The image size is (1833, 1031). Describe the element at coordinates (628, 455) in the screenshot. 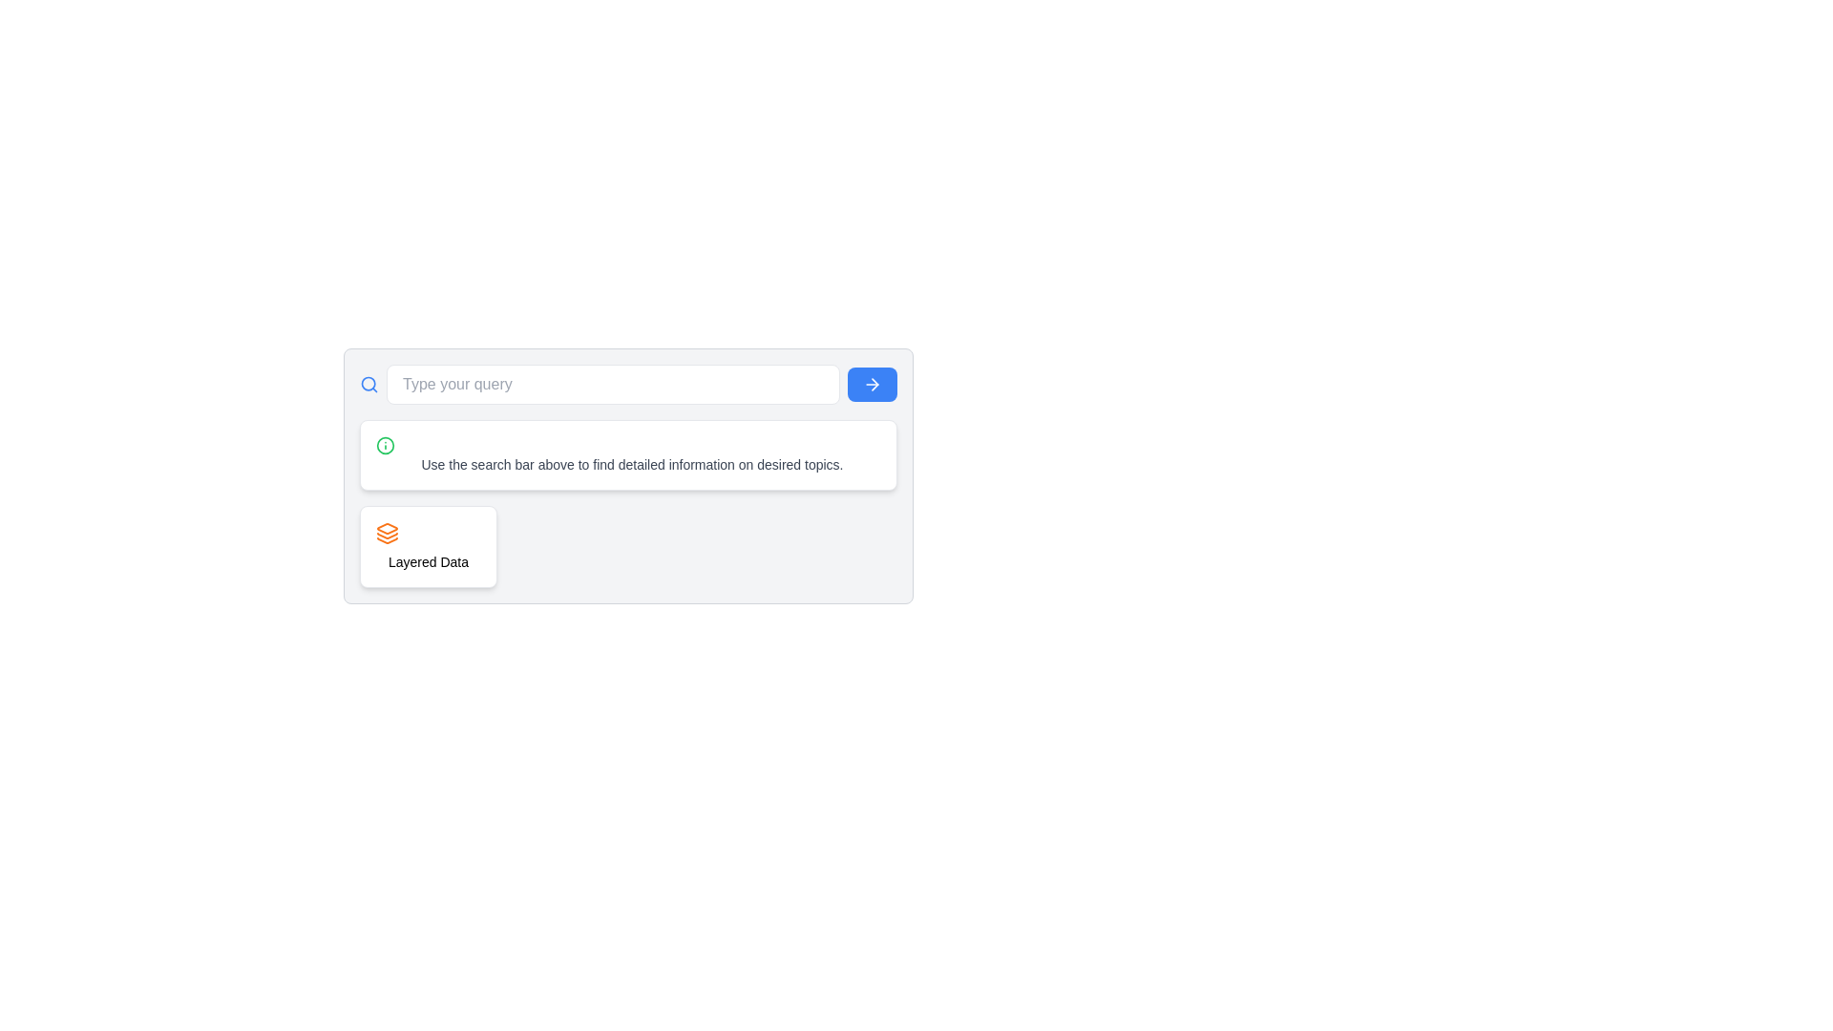

I see `the Informational text card, which has a white background, rounded corners, and contains an 'i' icon in a green circle on the left side` at that location.